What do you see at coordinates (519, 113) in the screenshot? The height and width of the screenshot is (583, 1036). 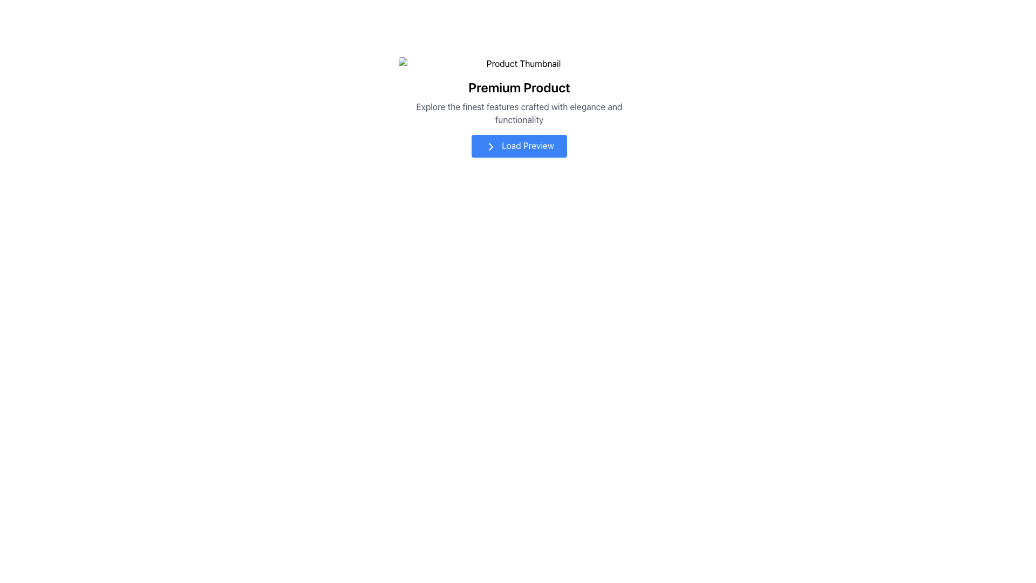 I see `the Static Text element that reads 'Explore the finest features crafted with elegance and functionality', which is styled in gray and positioned below 'Premium Product' and above the 'Load Preview' button` at bounding box center [519, 113].